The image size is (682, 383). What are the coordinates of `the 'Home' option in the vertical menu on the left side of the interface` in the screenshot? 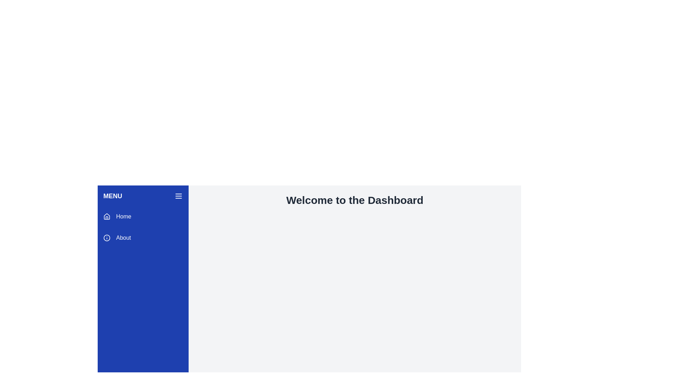 It's located at (143, 227).